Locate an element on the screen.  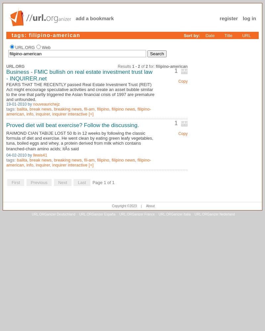
'Copyright ©2023' is located at coordinates (124, 206).